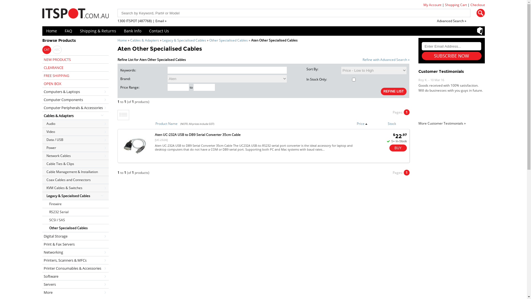 The image size is (531, 299). I want to click on 'ABC', so click(57, 50).